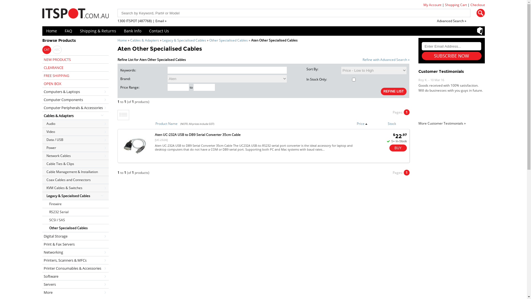 The image size is (531, 299). I want to click on 'ABC', so click(57, 50).